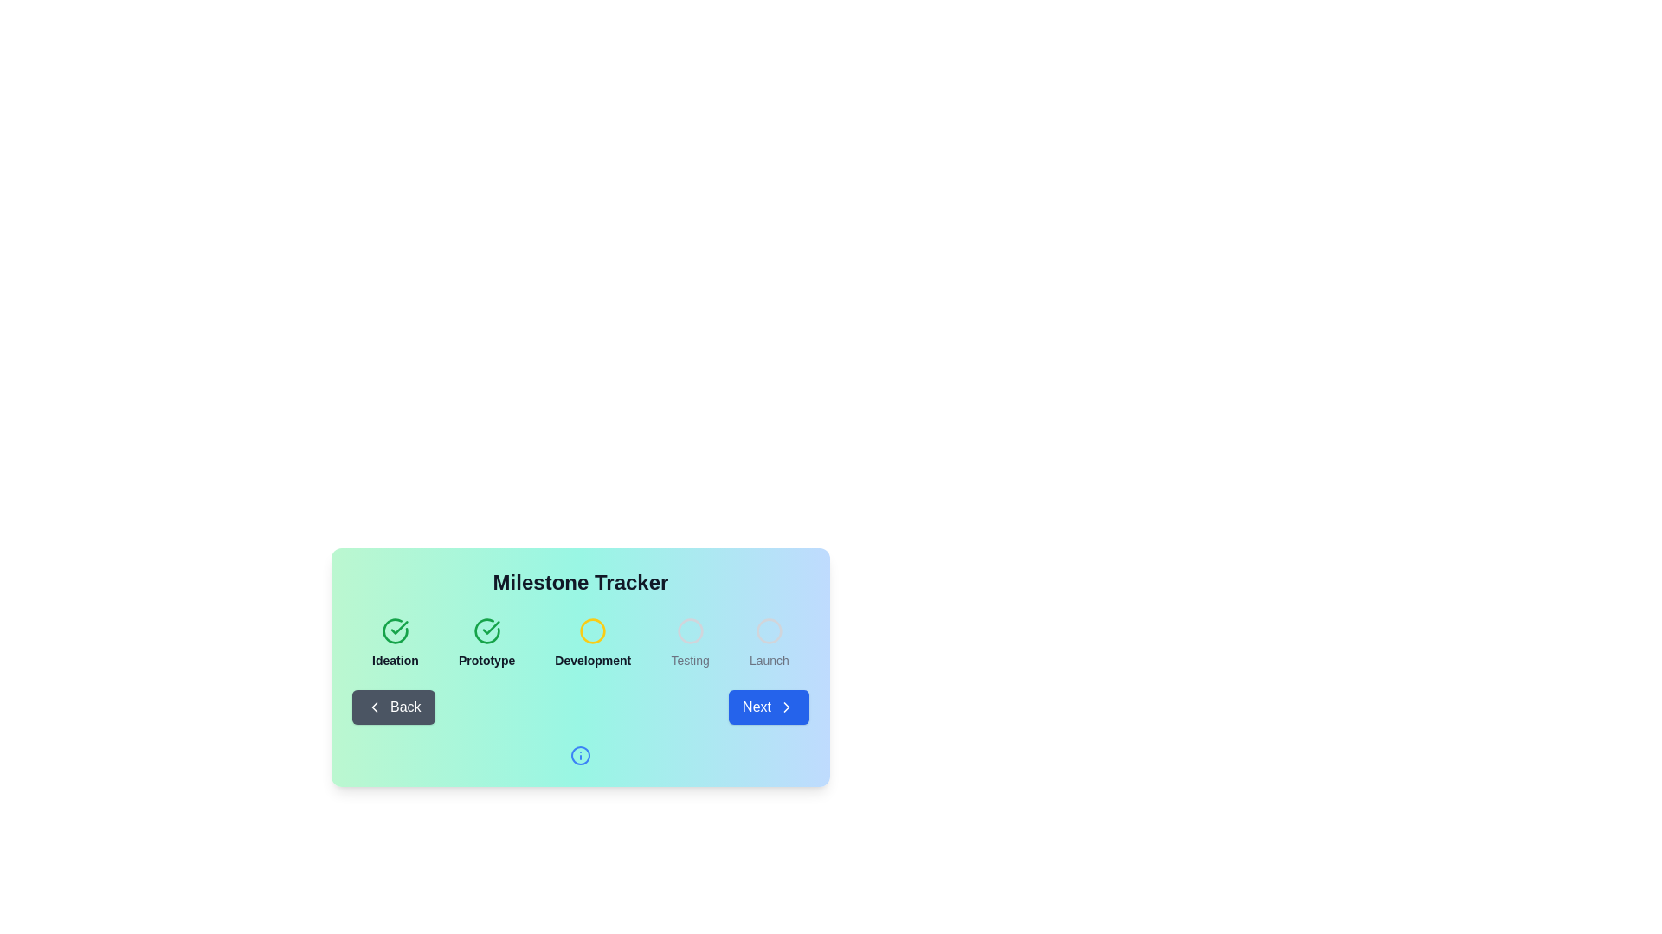 The image size is (1662, 934). What do you see at coordinates (486, 660) in the screenshot?
I see `text label indicating the second milestone in the progress tracker located beneath the green checkmark icon` at bounding box center [486, 660].